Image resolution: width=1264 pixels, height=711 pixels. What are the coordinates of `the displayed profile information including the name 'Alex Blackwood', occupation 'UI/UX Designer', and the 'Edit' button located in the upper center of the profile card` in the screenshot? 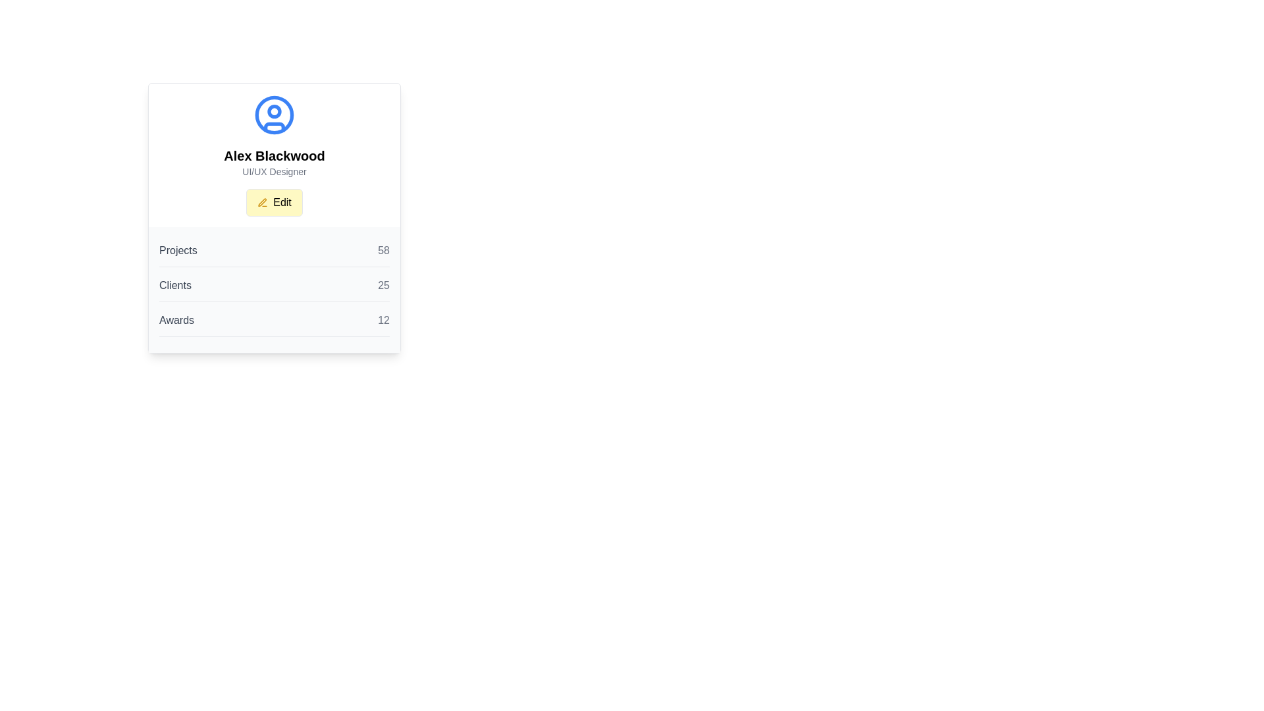 It's located at (274, 182).